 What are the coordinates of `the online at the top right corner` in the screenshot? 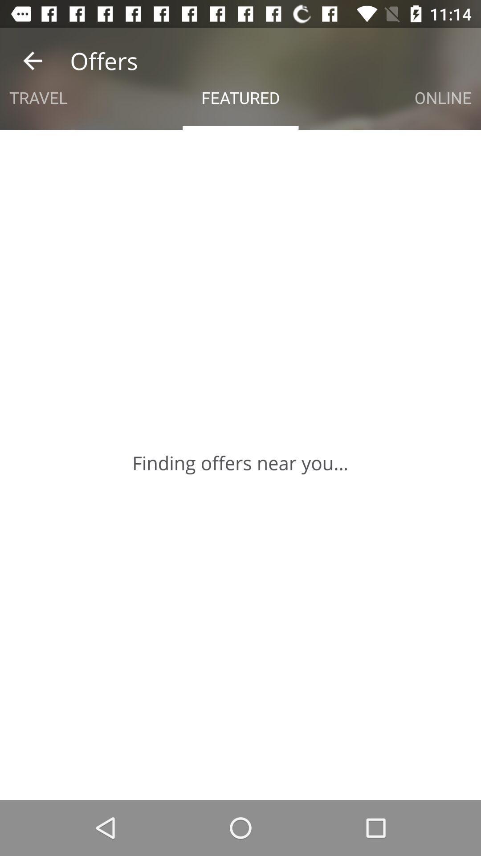 It's located at (443, 98).